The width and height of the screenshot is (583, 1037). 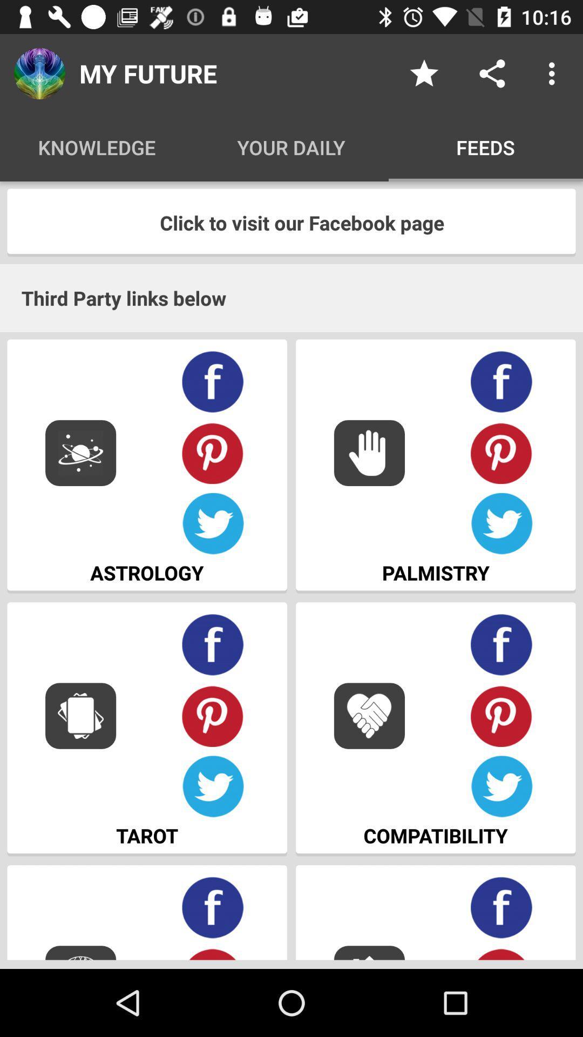 I want to click on open facebook, so click(x=213, y=907).